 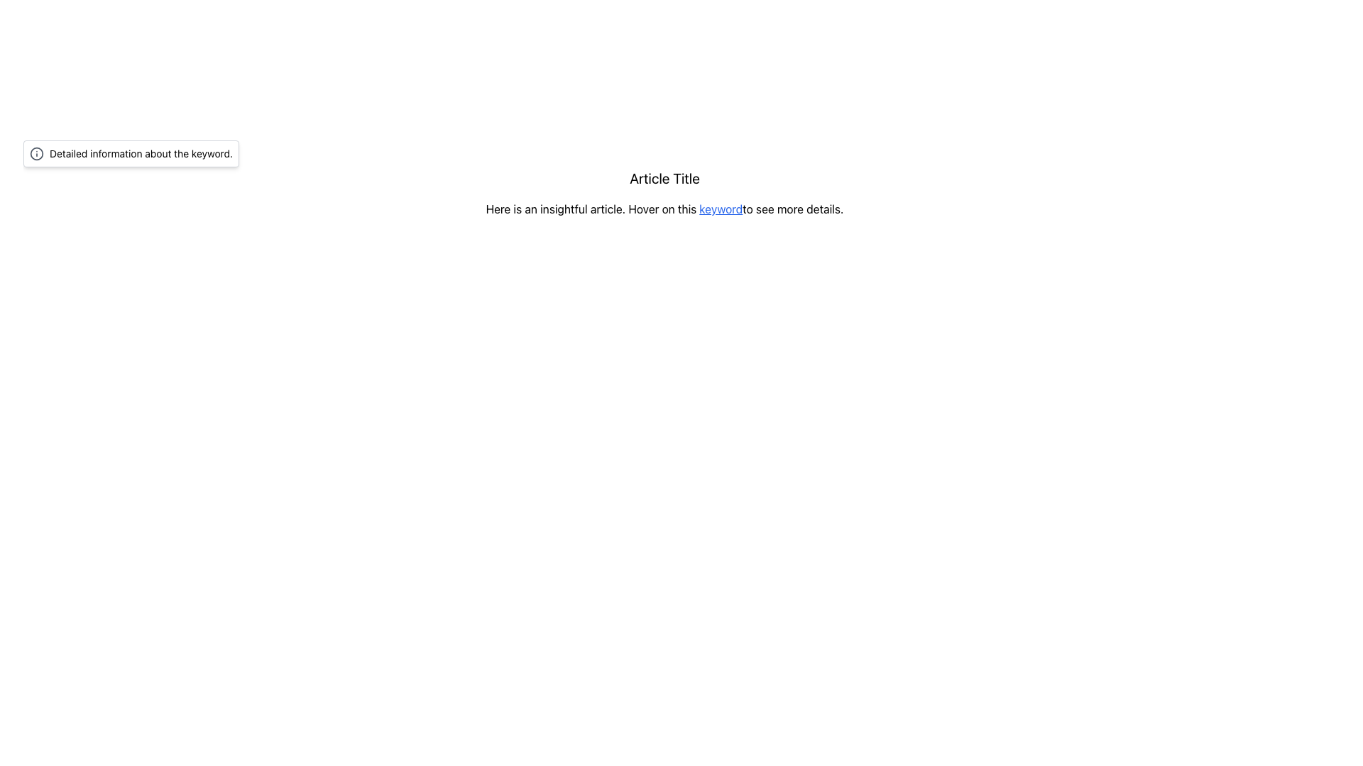 I want to click on the Circle SVG graphical element that represents an informational symbol, located centrally within the interface and near a tooltip box, so click(x=37, y=153).